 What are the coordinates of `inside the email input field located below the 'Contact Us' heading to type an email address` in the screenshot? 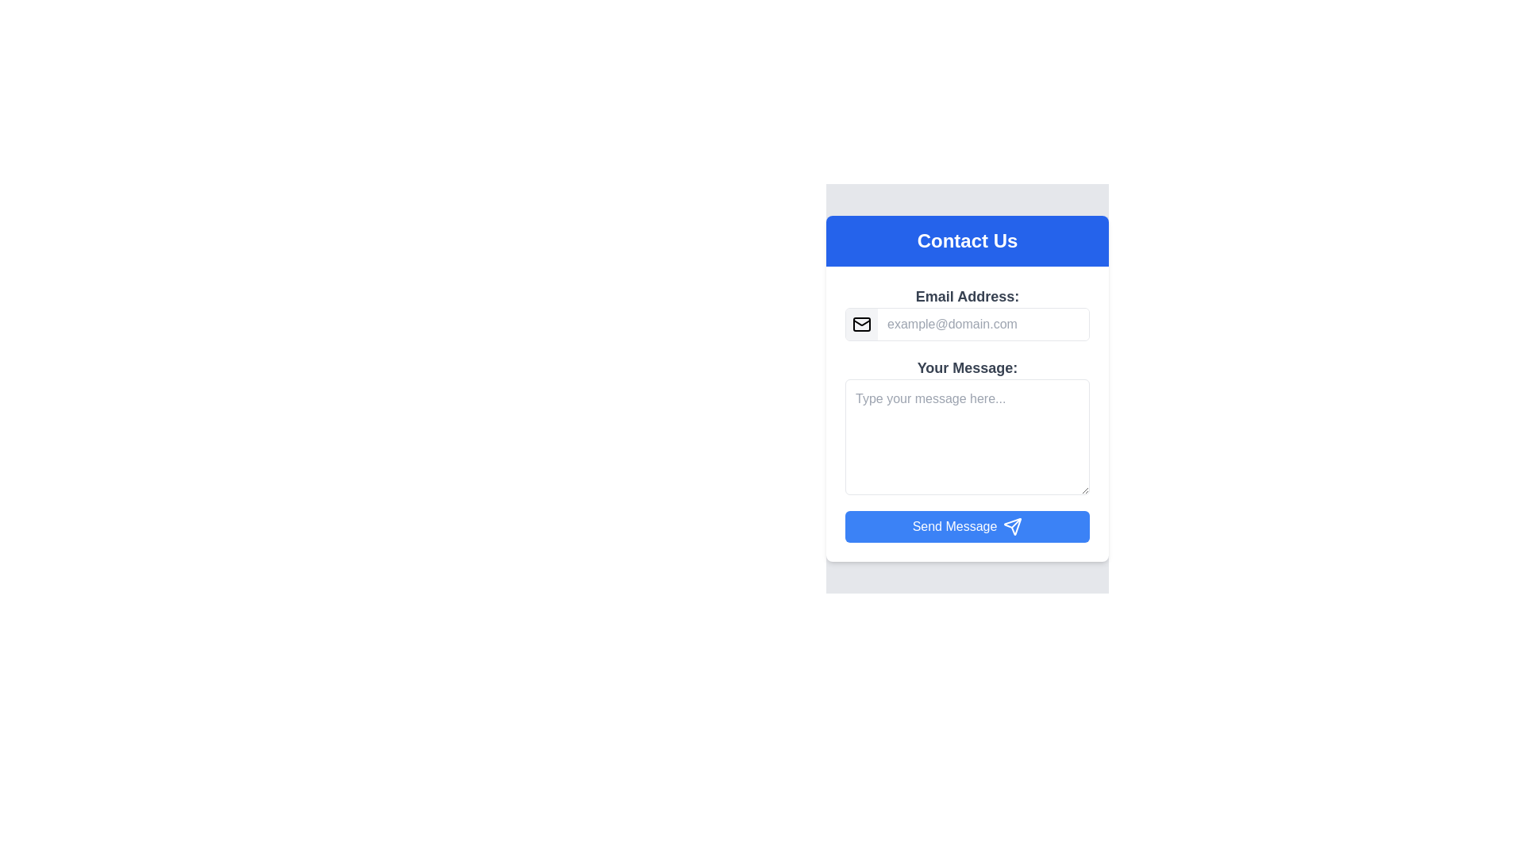 It's located at (967, 313).